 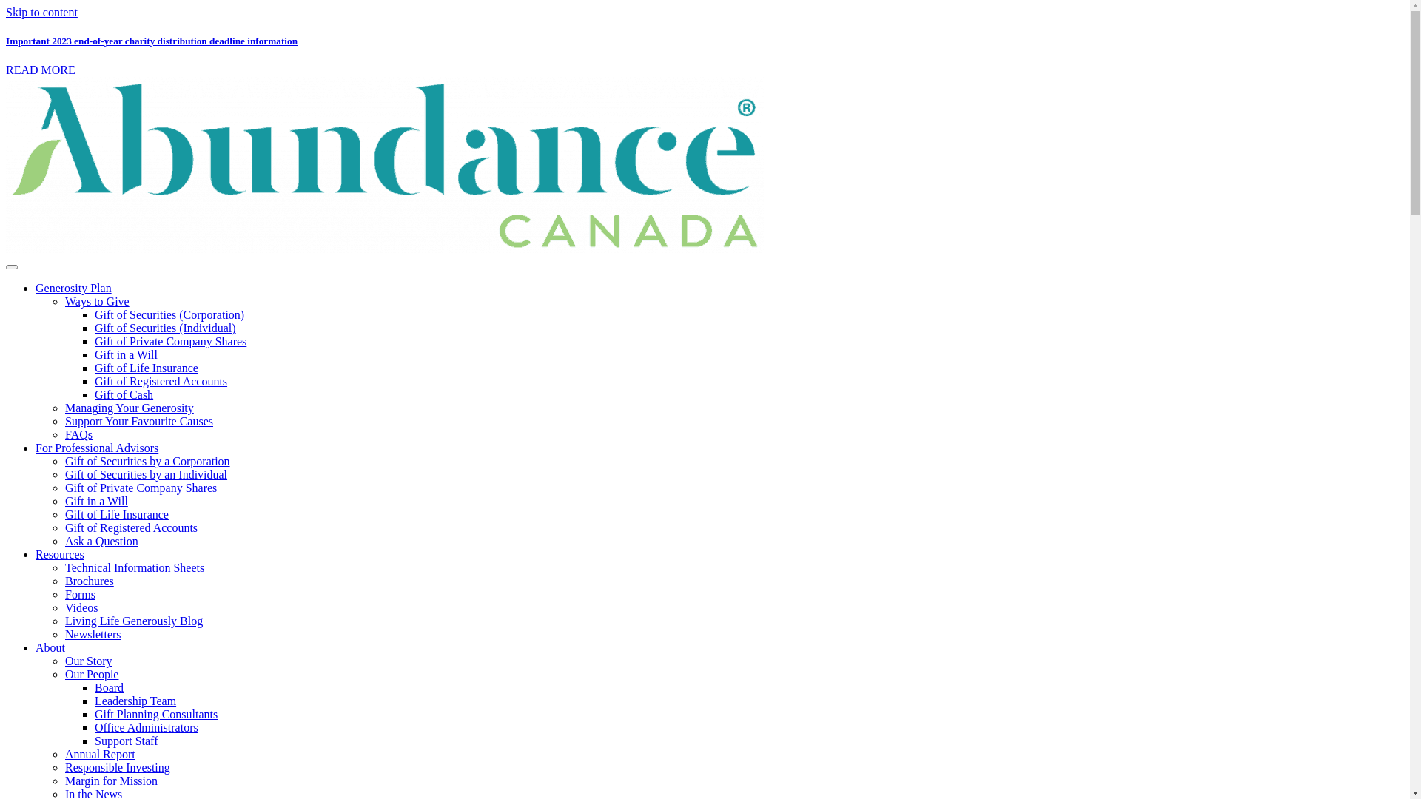 What do you see at coordinates (116, 766) in the screenshot?
I see `'Responsible Investing'` at bounding box center [116, 766].